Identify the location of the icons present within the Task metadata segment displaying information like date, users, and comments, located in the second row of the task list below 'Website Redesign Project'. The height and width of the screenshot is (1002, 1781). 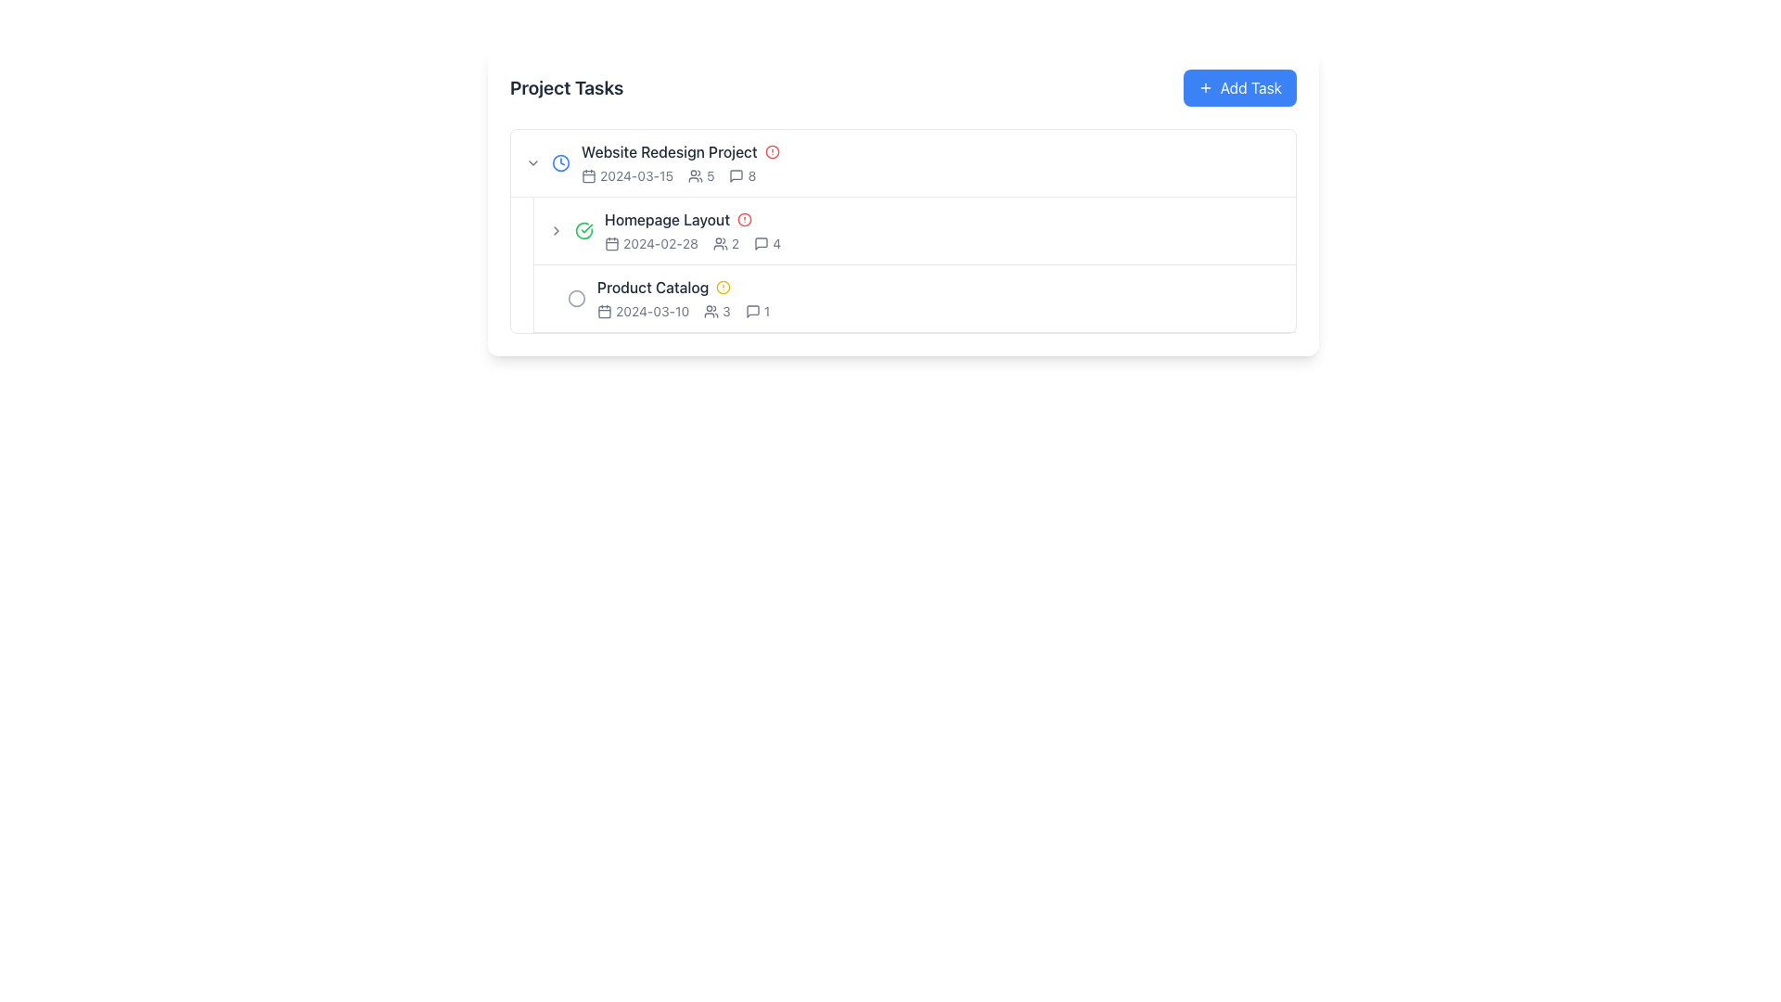
(944, 242).